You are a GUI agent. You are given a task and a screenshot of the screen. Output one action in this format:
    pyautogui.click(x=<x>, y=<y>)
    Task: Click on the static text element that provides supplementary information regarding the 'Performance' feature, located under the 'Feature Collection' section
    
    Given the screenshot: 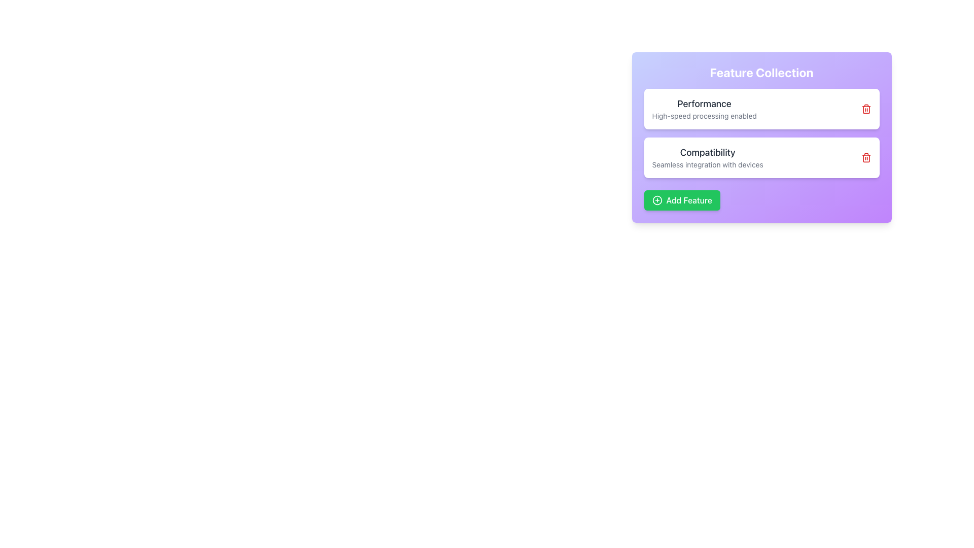 What is the action you would take?
    pyautogui.click(x=704, y=115)
    